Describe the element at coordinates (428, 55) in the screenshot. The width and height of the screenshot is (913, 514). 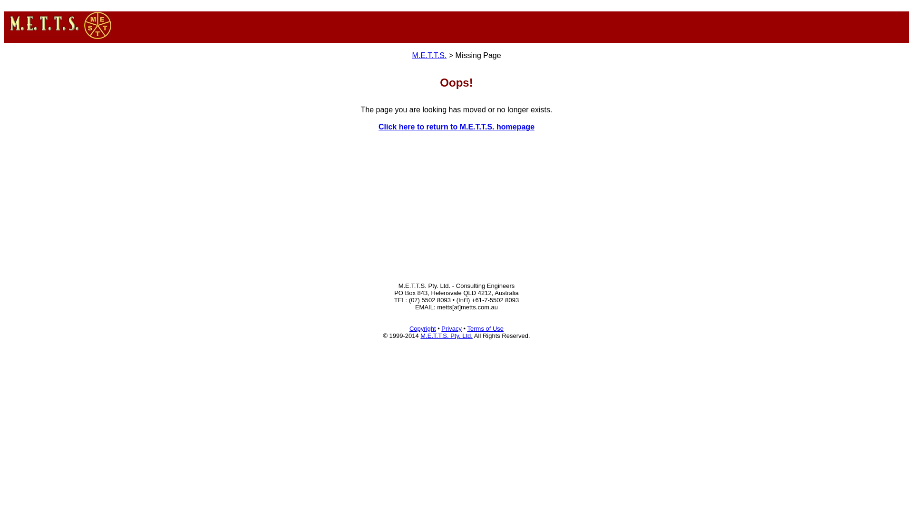
I see `'M.E.T.T.S.'` at that location.